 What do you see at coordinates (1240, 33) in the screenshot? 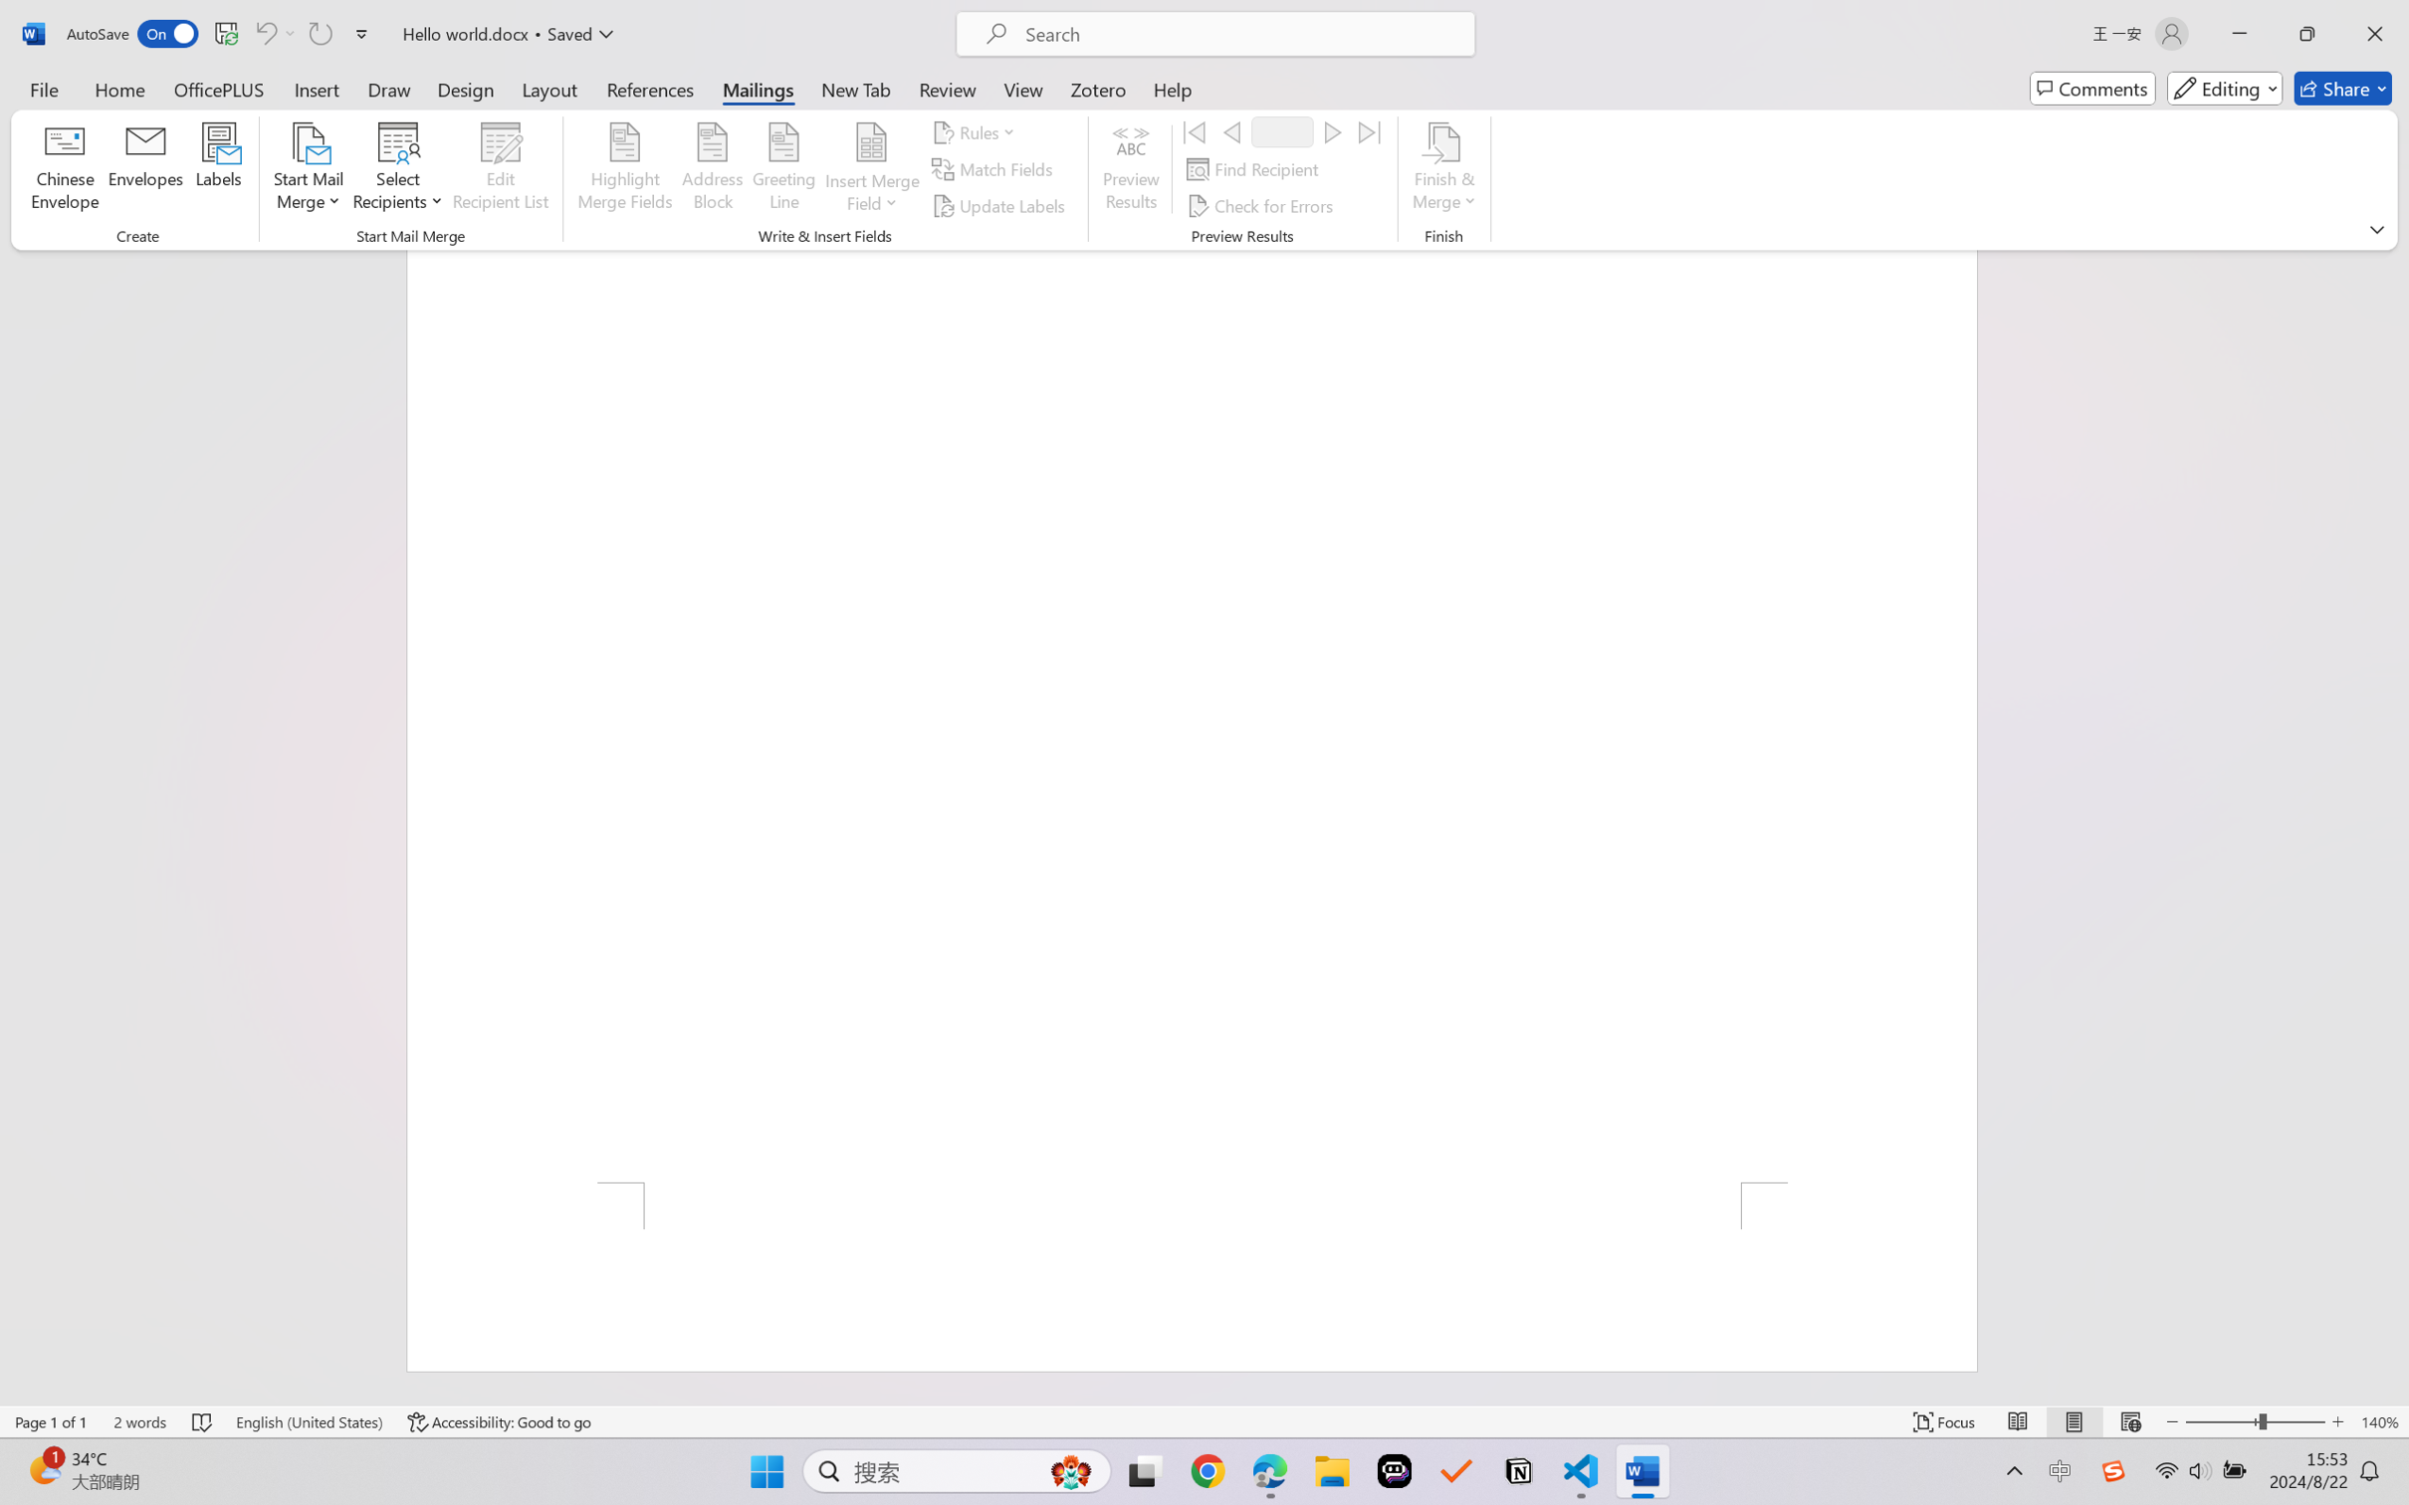
I see `'Microsoft search'` at bounding box center [1240, 33].